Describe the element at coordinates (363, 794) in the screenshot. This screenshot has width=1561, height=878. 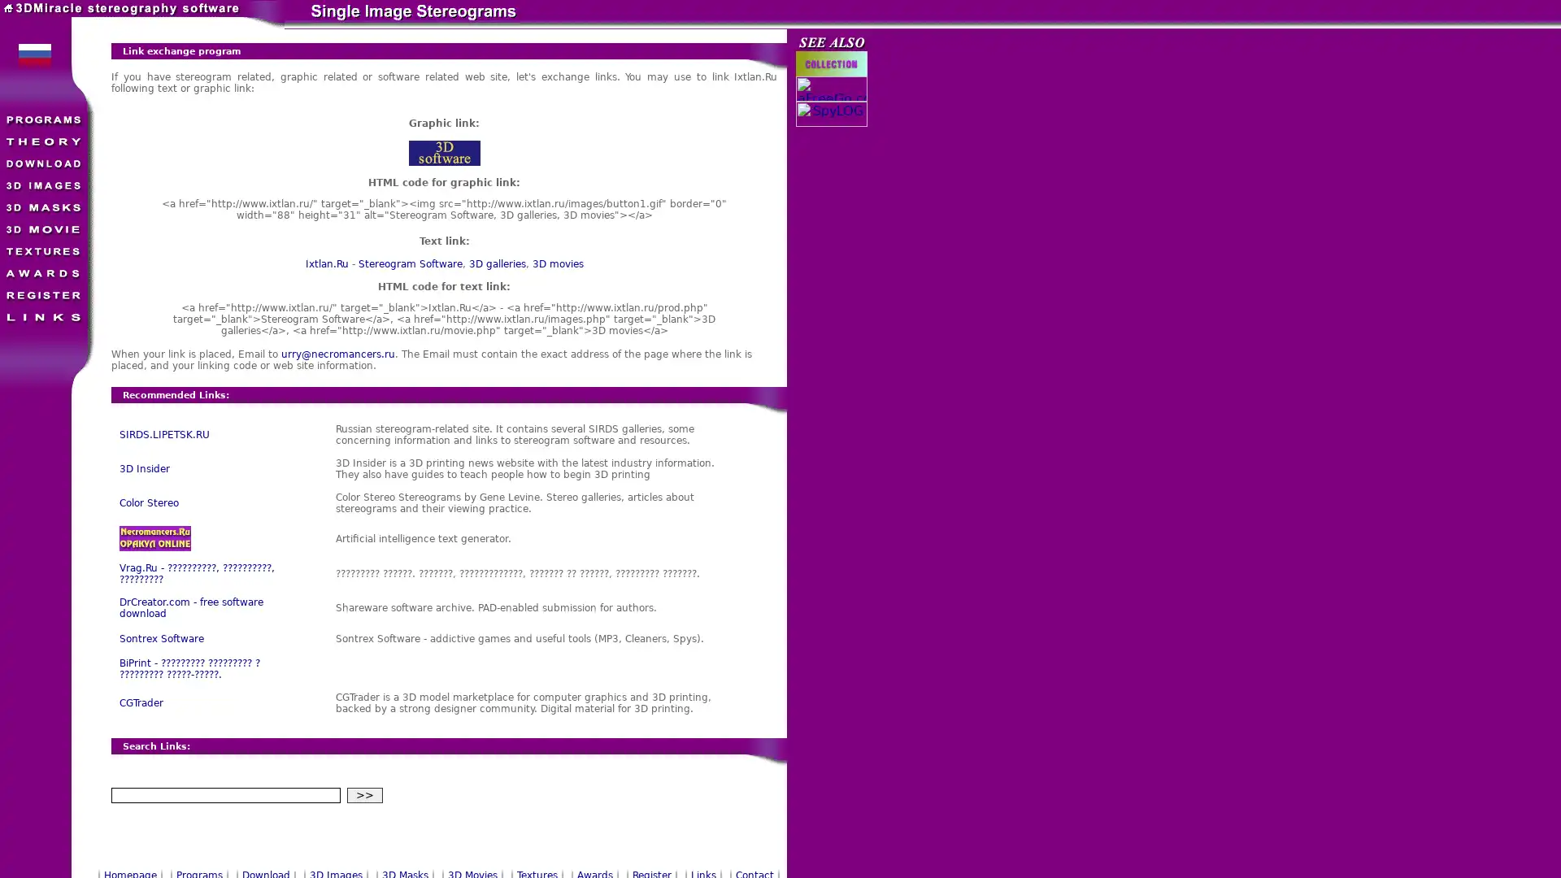
I see `>>` at that location.